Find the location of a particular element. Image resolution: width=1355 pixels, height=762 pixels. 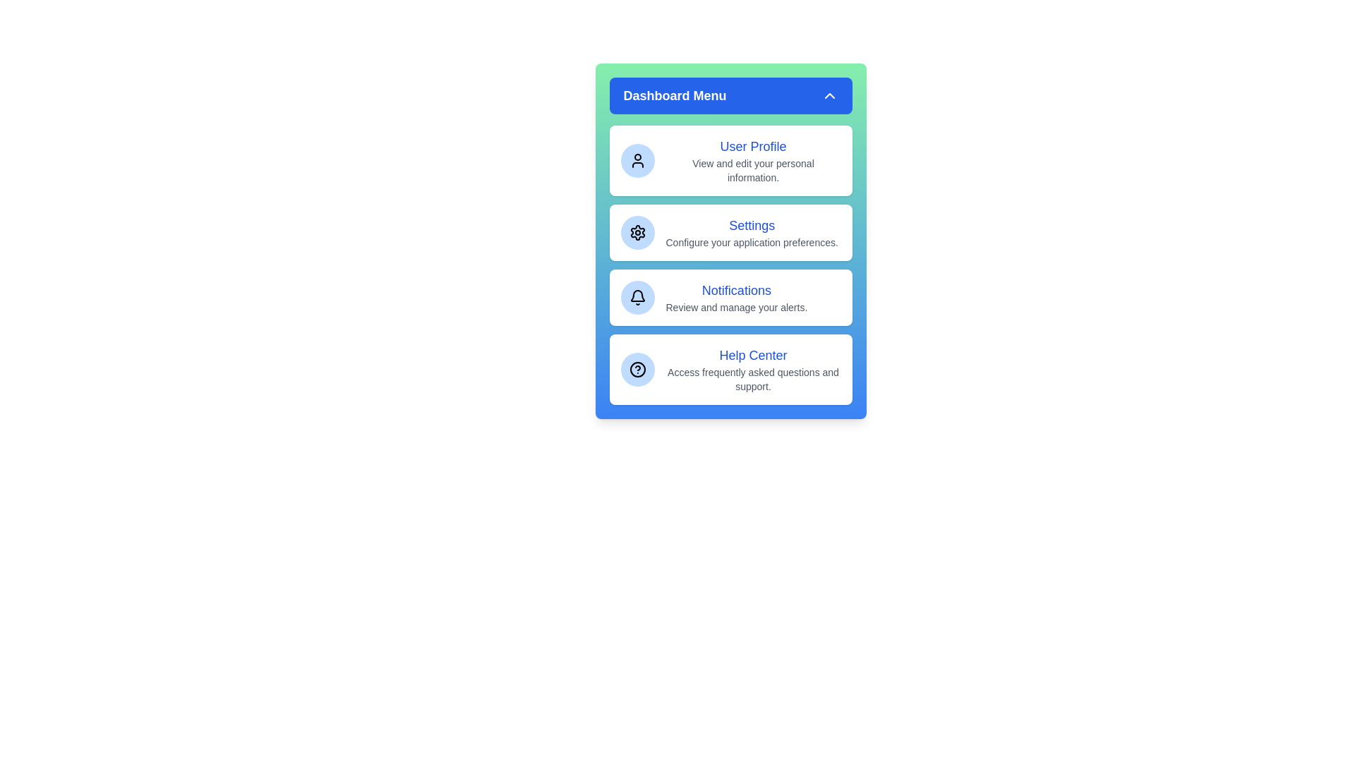

the menu option Notifications is located at coordinates (730, 296).